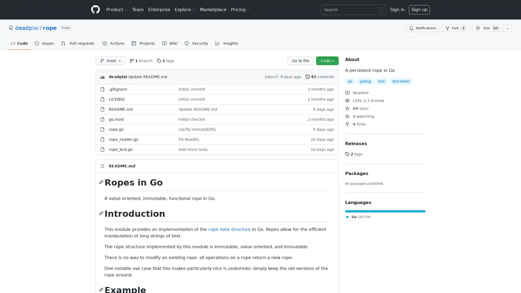 Image resolution: width=521 pixels, height=293 pixels. Describe the element at coordinates (507, 28) in the screenshot. I see `You must be signed in to add this repository to a list` at that location.